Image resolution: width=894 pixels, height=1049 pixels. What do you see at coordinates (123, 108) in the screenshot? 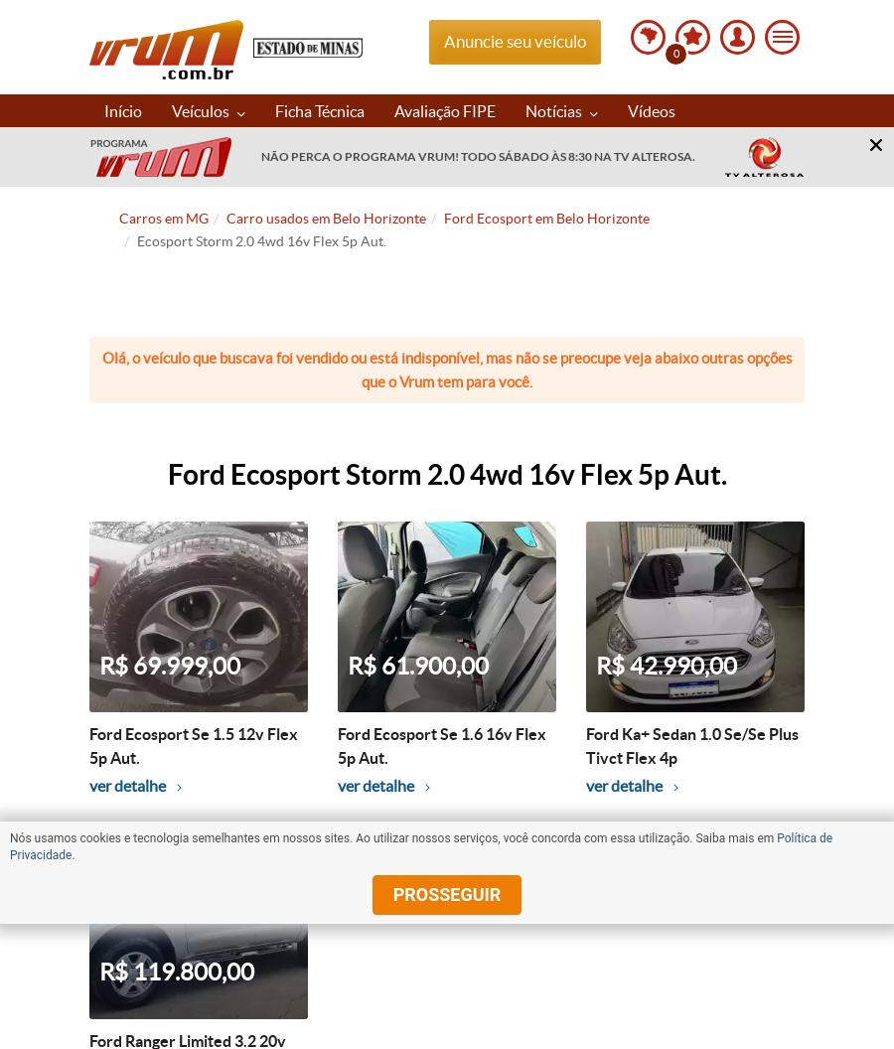
I see `'Início'` at bounding box center [123, 108].